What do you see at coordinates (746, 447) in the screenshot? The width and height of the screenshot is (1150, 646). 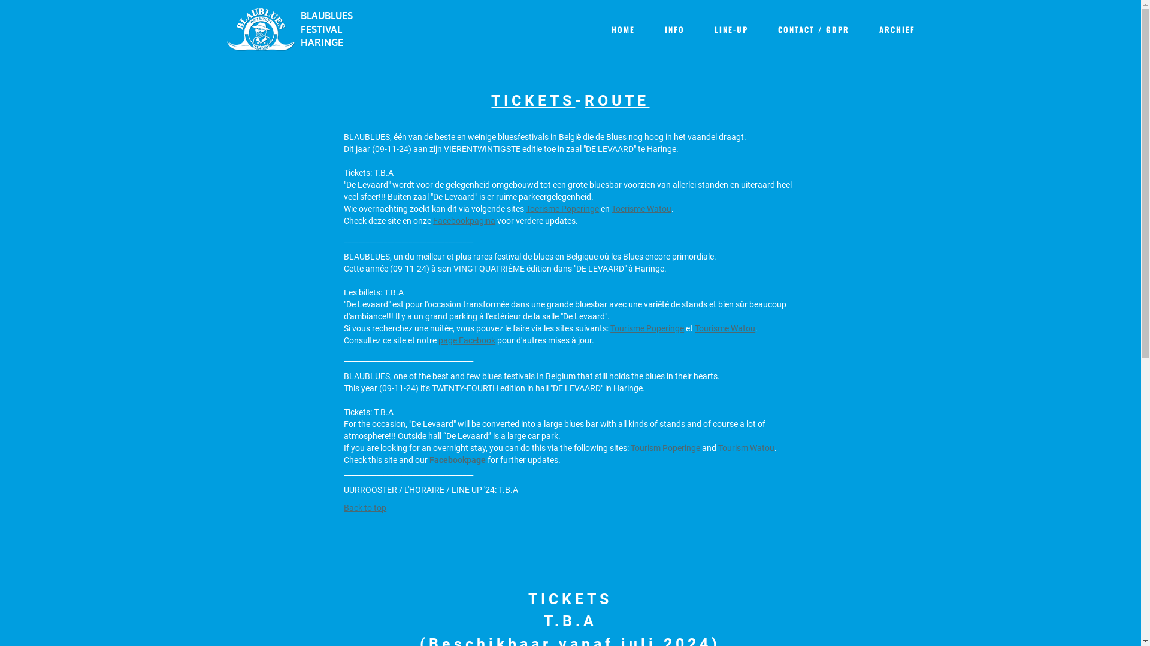 I see `'Tourism Watou'` at bounding box center [746, 447].